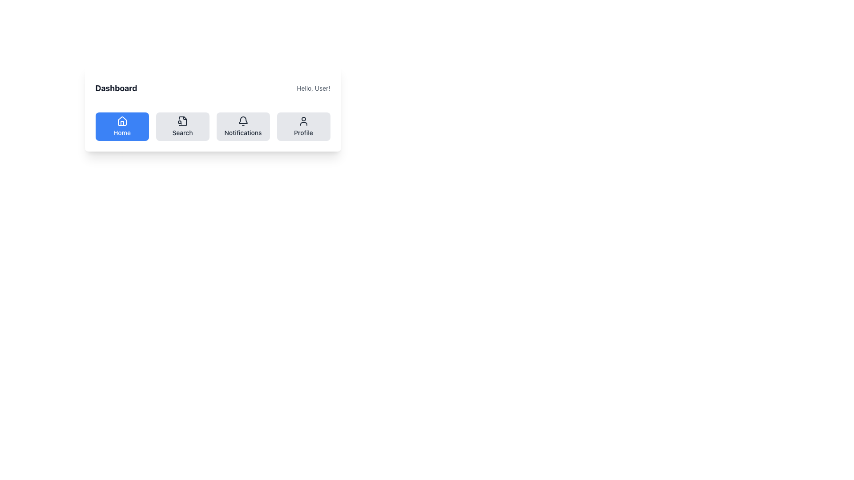 This screenshot has width=854, height=480. What do you see at coordinates (212, 127) in the screenshot?
I see `the Notifications section of the Navigation Menu, which is a grid menu located beneath the Dashboard title and Hello, User! text` at bounding box center [212, 127].